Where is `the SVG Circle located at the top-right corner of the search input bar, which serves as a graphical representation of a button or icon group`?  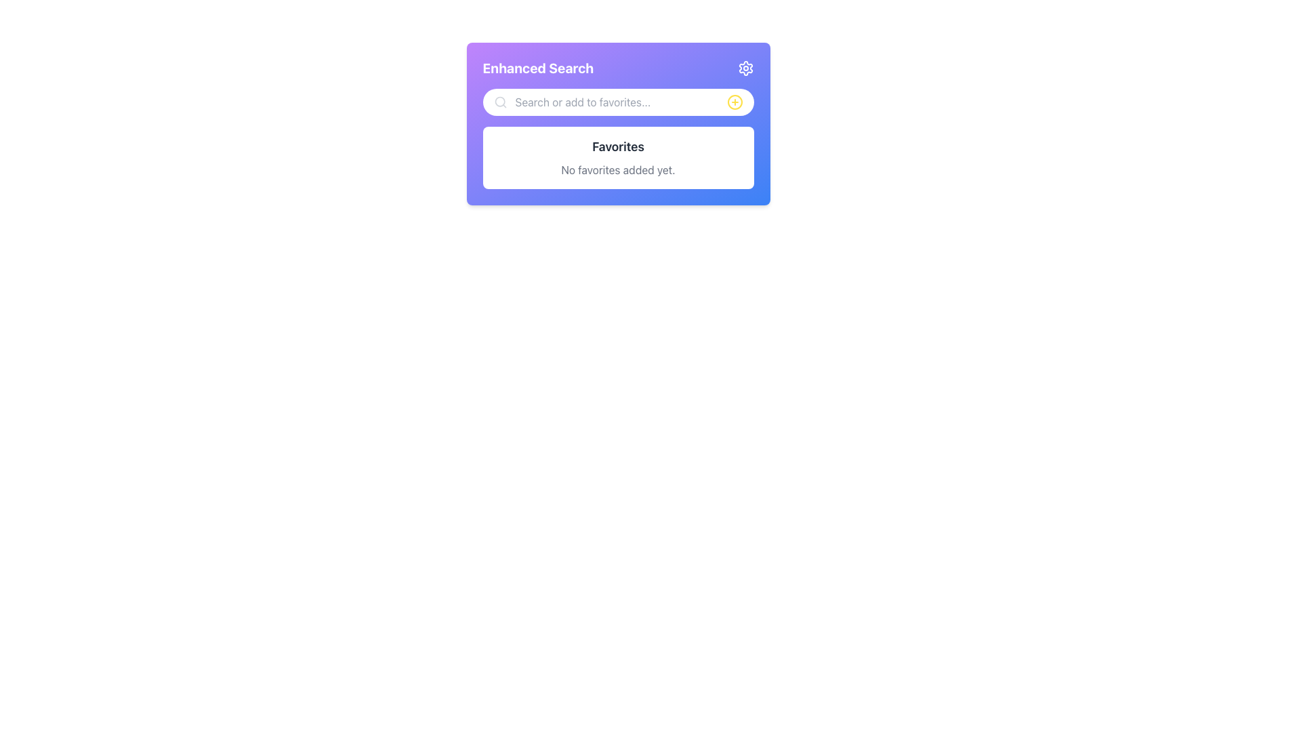
the SVG Circle located at the top-right corner of the search input bar, which serves as a graphical representation of a button or icon group is located at coordinates (734, 101).